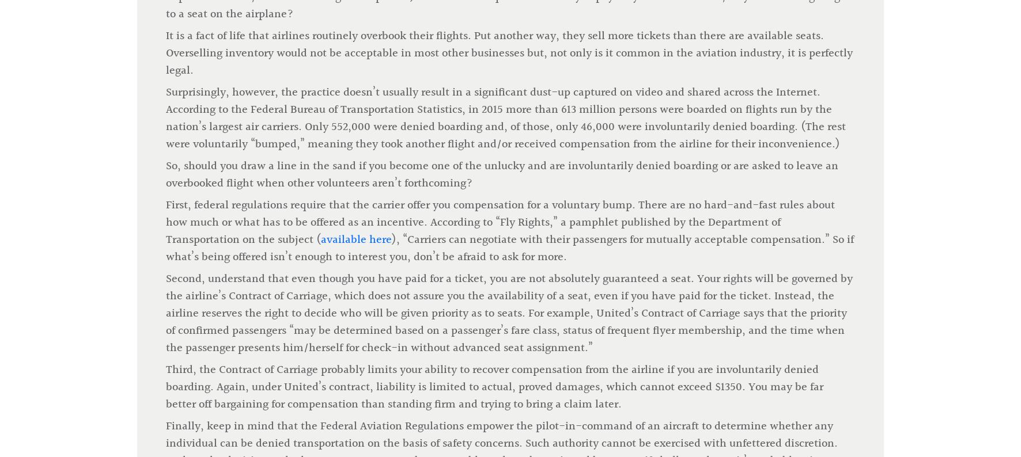 The image size is (1021, 457). Describe the element at coordinates (165, 56) in the screenshot. I see `'), “Carriers can negotiate with their passengers for mutually acceptable compensation.” So if what’s being offered isn’t enough to interest you, don’t be afraid to ask for more.'` at that location.